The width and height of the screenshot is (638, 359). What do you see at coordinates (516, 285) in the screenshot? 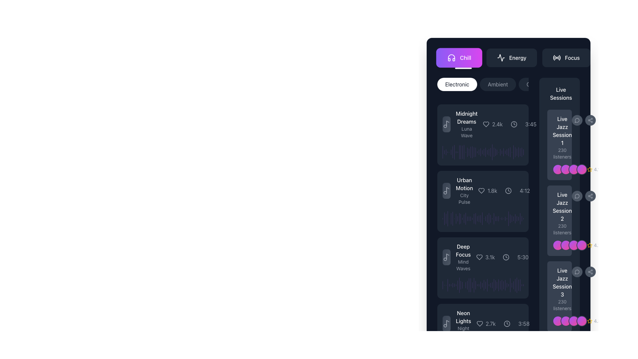
I see `the last vertical segment of the progress bar in the horizontal group, which serves as a visual indicator for the corresponding status` at bounding box center [516, 285].